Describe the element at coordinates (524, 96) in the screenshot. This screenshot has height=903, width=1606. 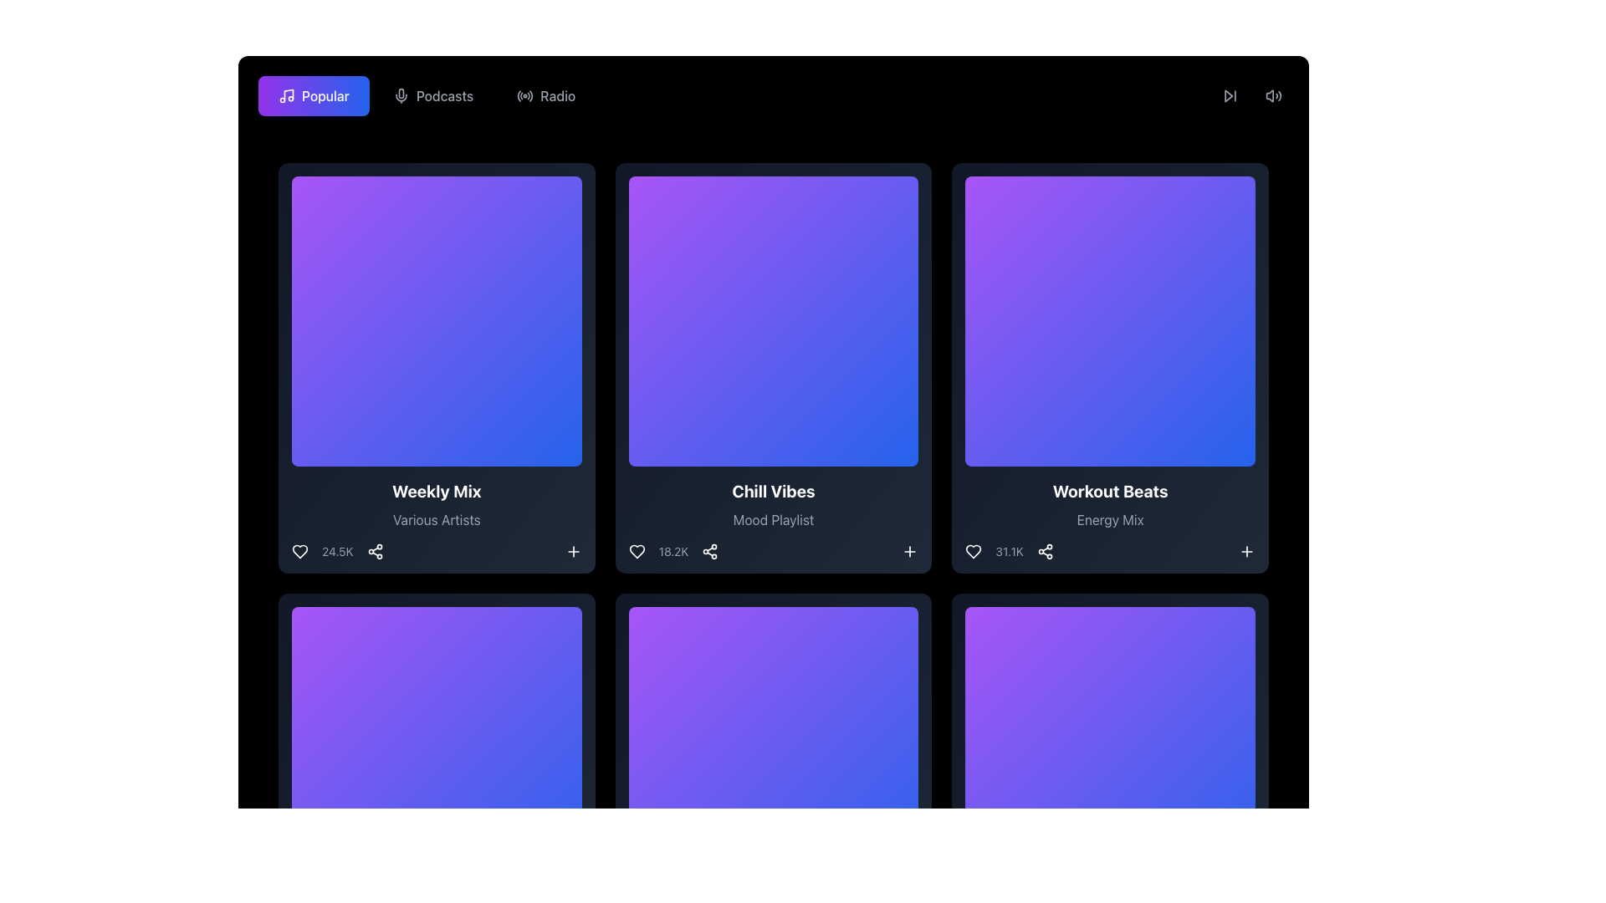
I see `the radio icon located in the navigation bar, which is styled with a black stroke and positioned to the left of the 'Radio' text` at that location.